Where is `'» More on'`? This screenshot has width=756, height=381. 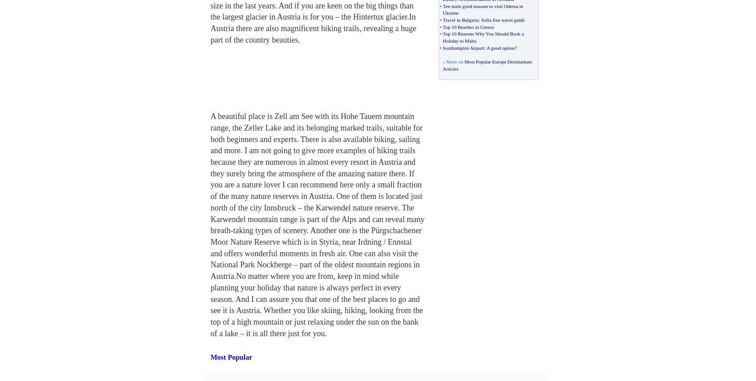
'» More on' is located at coordinates (453, 61).